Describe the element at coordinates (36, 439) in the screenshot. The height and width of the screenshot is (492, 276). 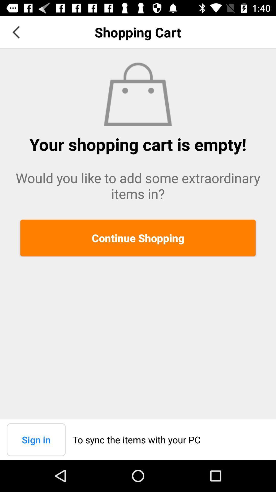
I see `item next to to sync the` at that location.